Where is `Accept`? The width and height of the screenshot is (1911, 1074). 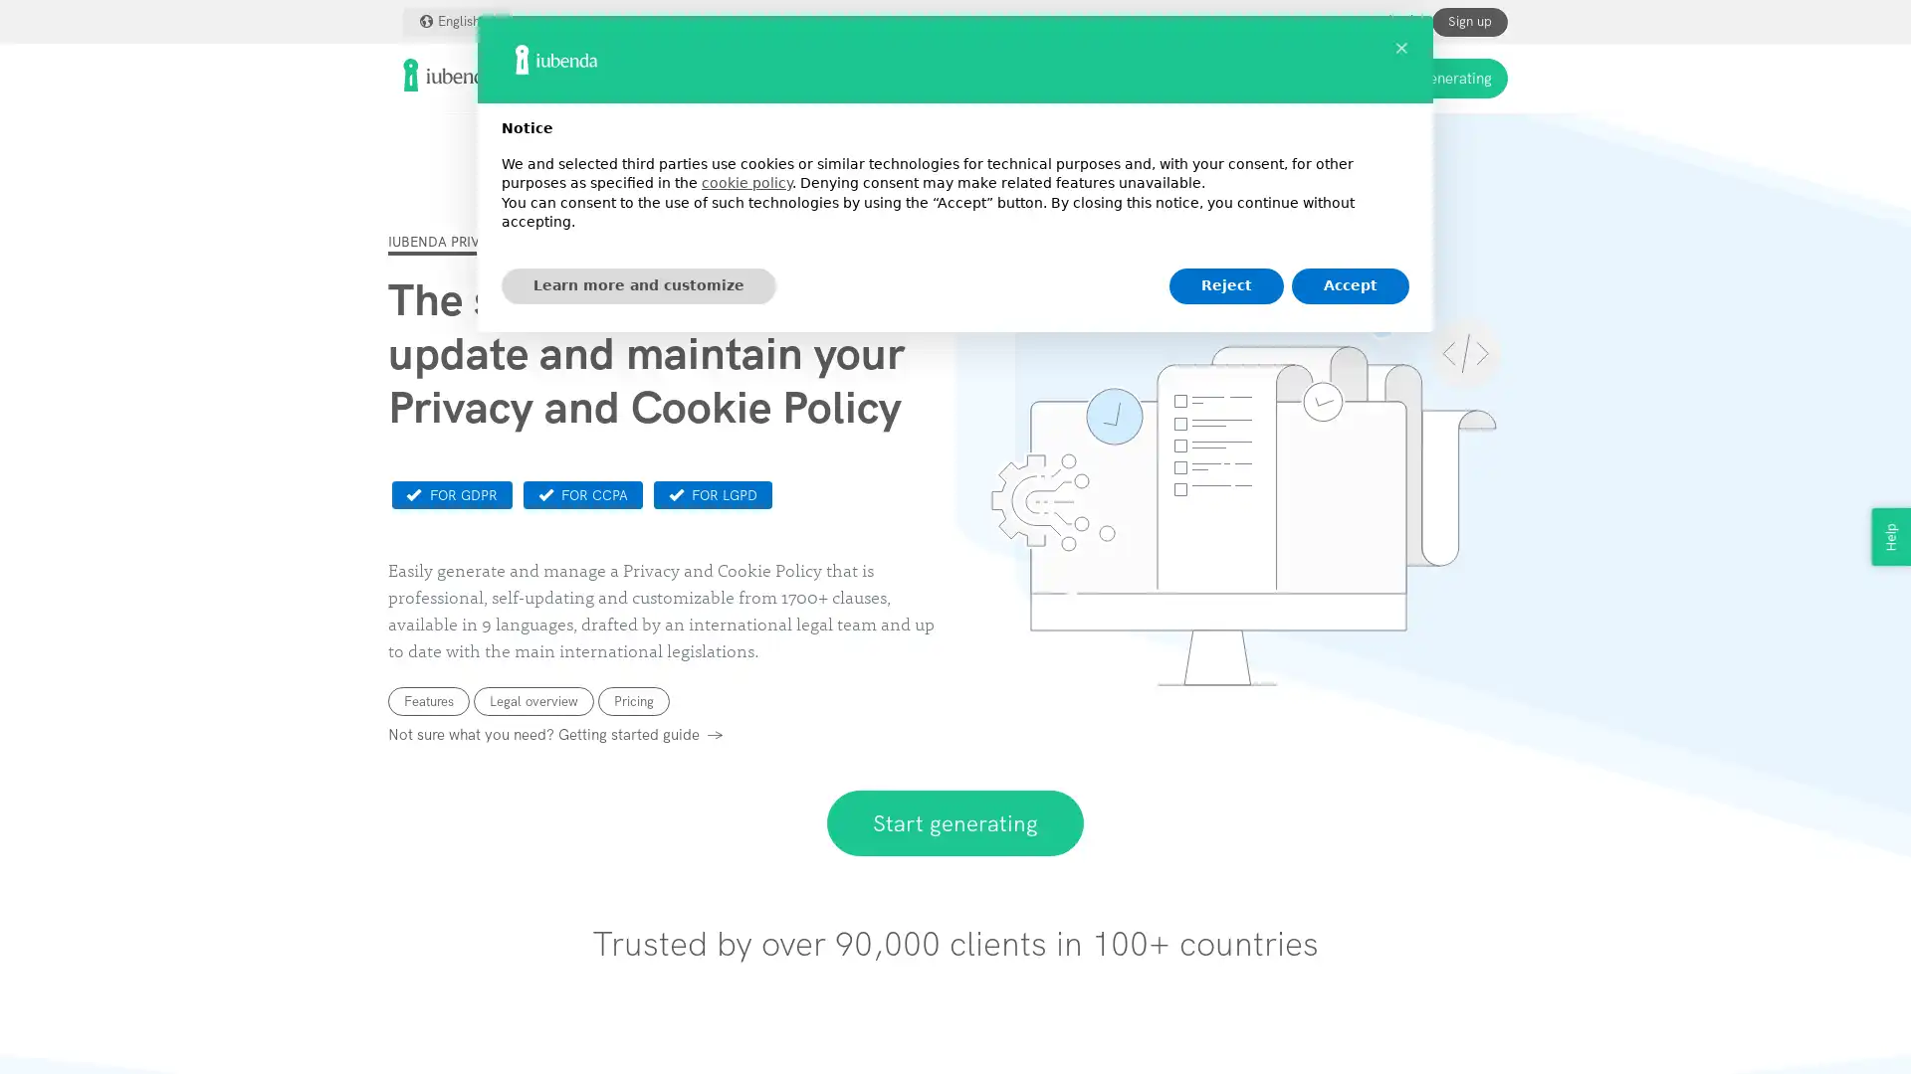
Accept is located at coordinates (1351, 284).